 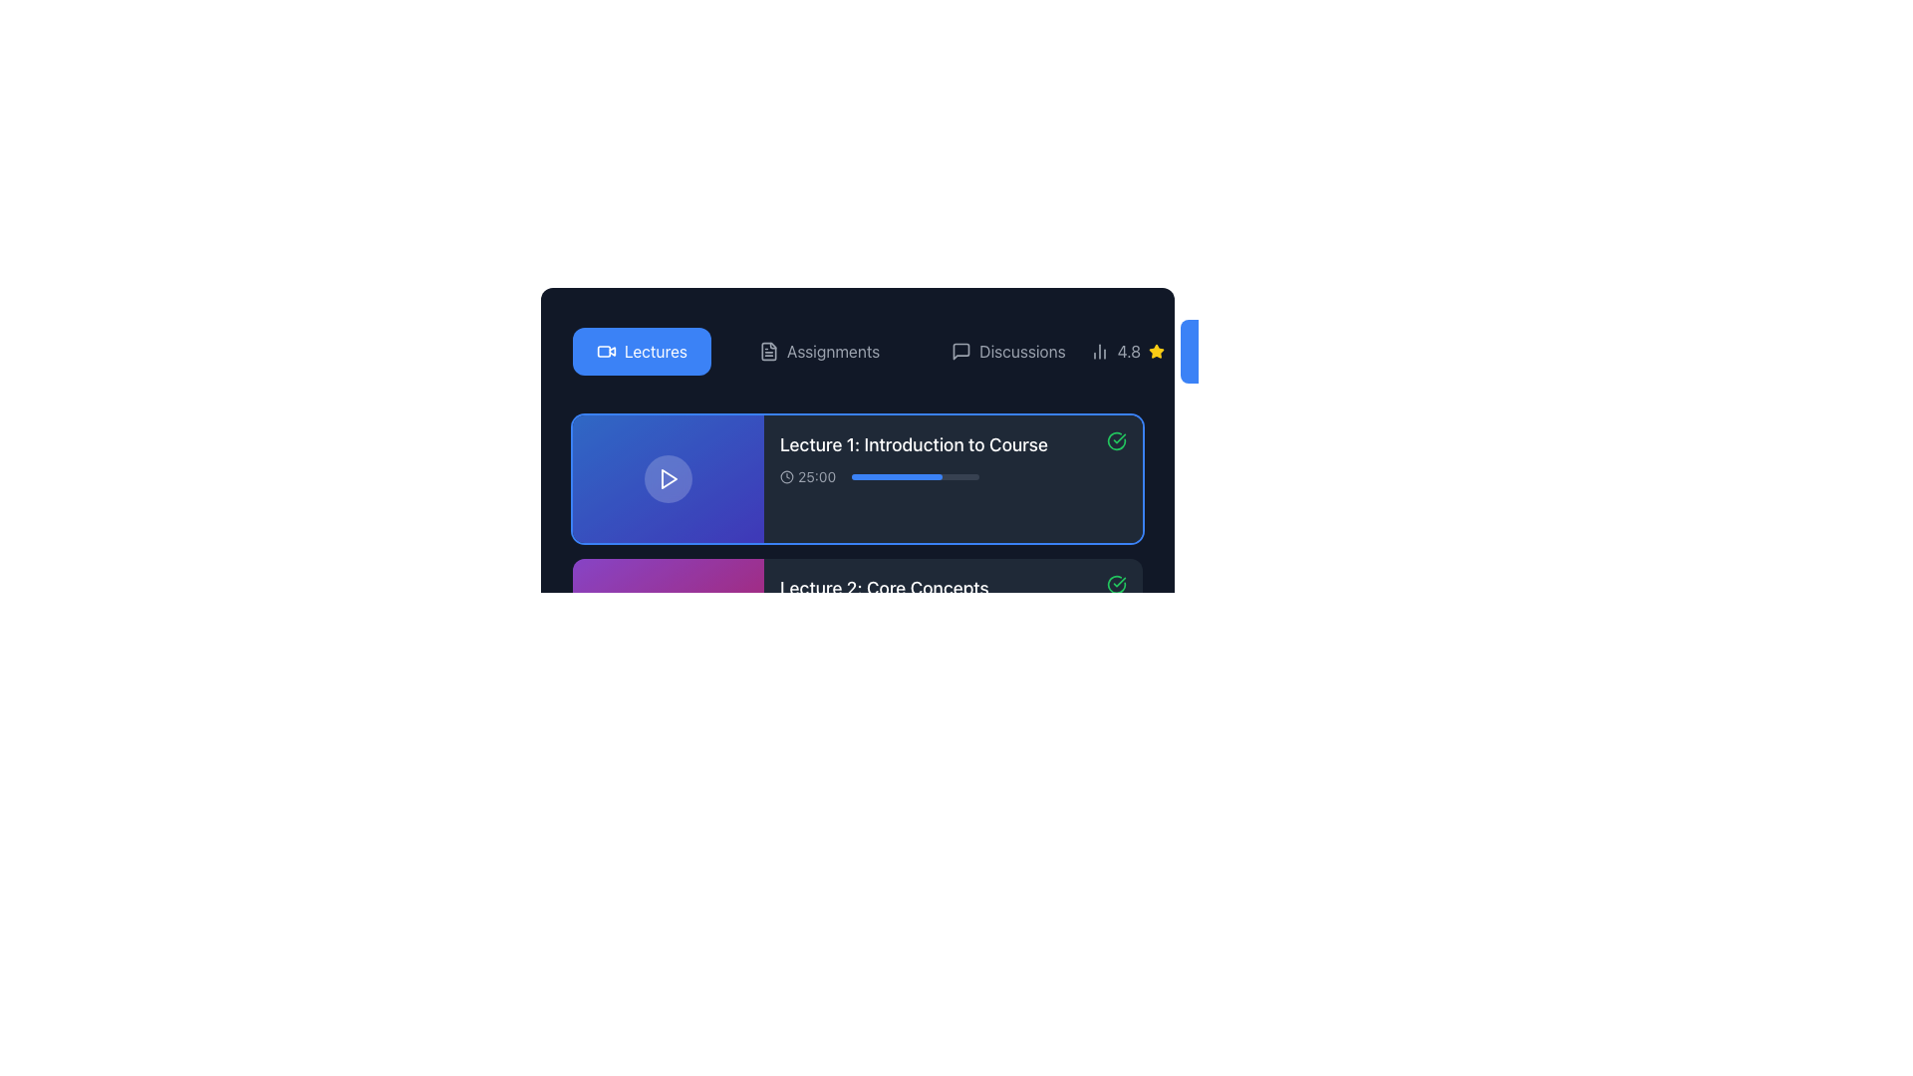 What do you see at coordinates (669, 479) in the screenshot?
I see `the circular play button with a semi-transparent white background and a play icon, located within the 'Lecture 1: Introduction to Course' card` at bounding box center [669, 479].